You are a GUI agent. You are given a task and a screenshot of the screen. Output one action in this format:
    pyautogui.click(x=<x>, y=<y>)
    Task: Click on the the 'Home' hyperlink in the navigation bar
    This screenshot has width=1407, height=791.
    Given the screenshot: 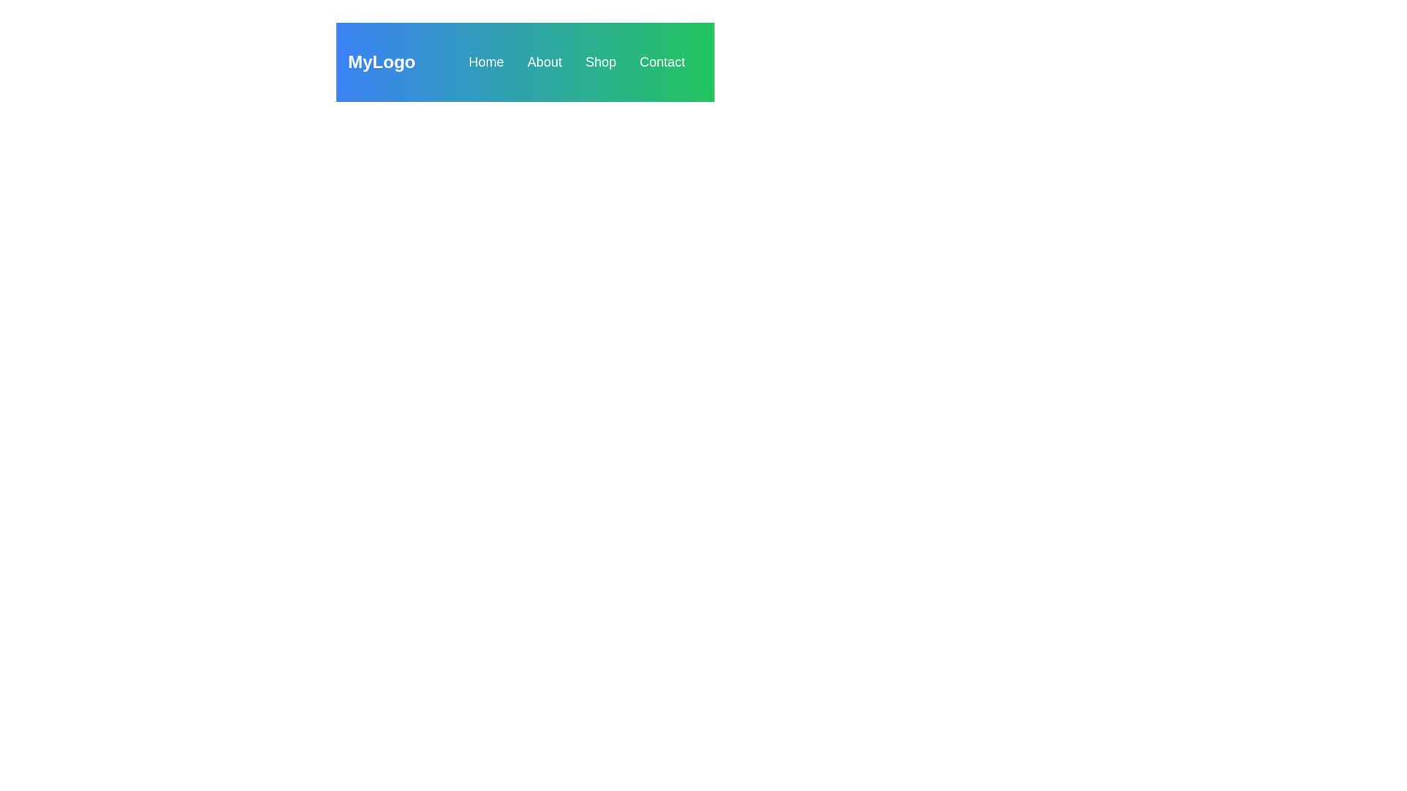 What is the action you would take?
    pyautogui.click(x=486, y=61)
    